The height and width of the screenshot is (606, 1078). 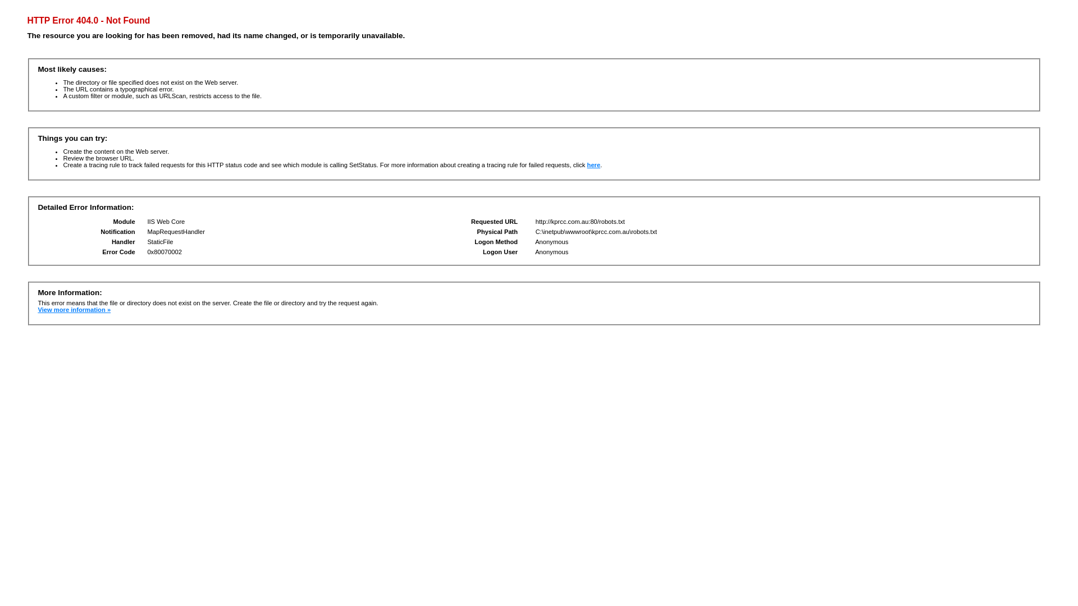 I want to click on 'here', so click(x=593, y=164).